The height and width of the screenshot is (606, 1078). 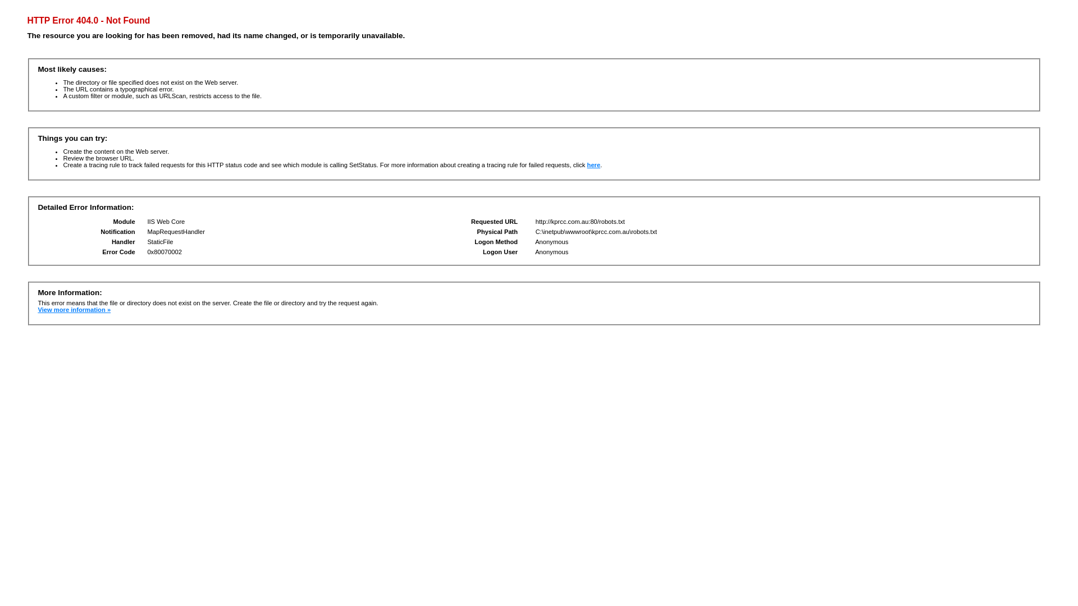 I want to click on 'here', so click(x=593, y=164).